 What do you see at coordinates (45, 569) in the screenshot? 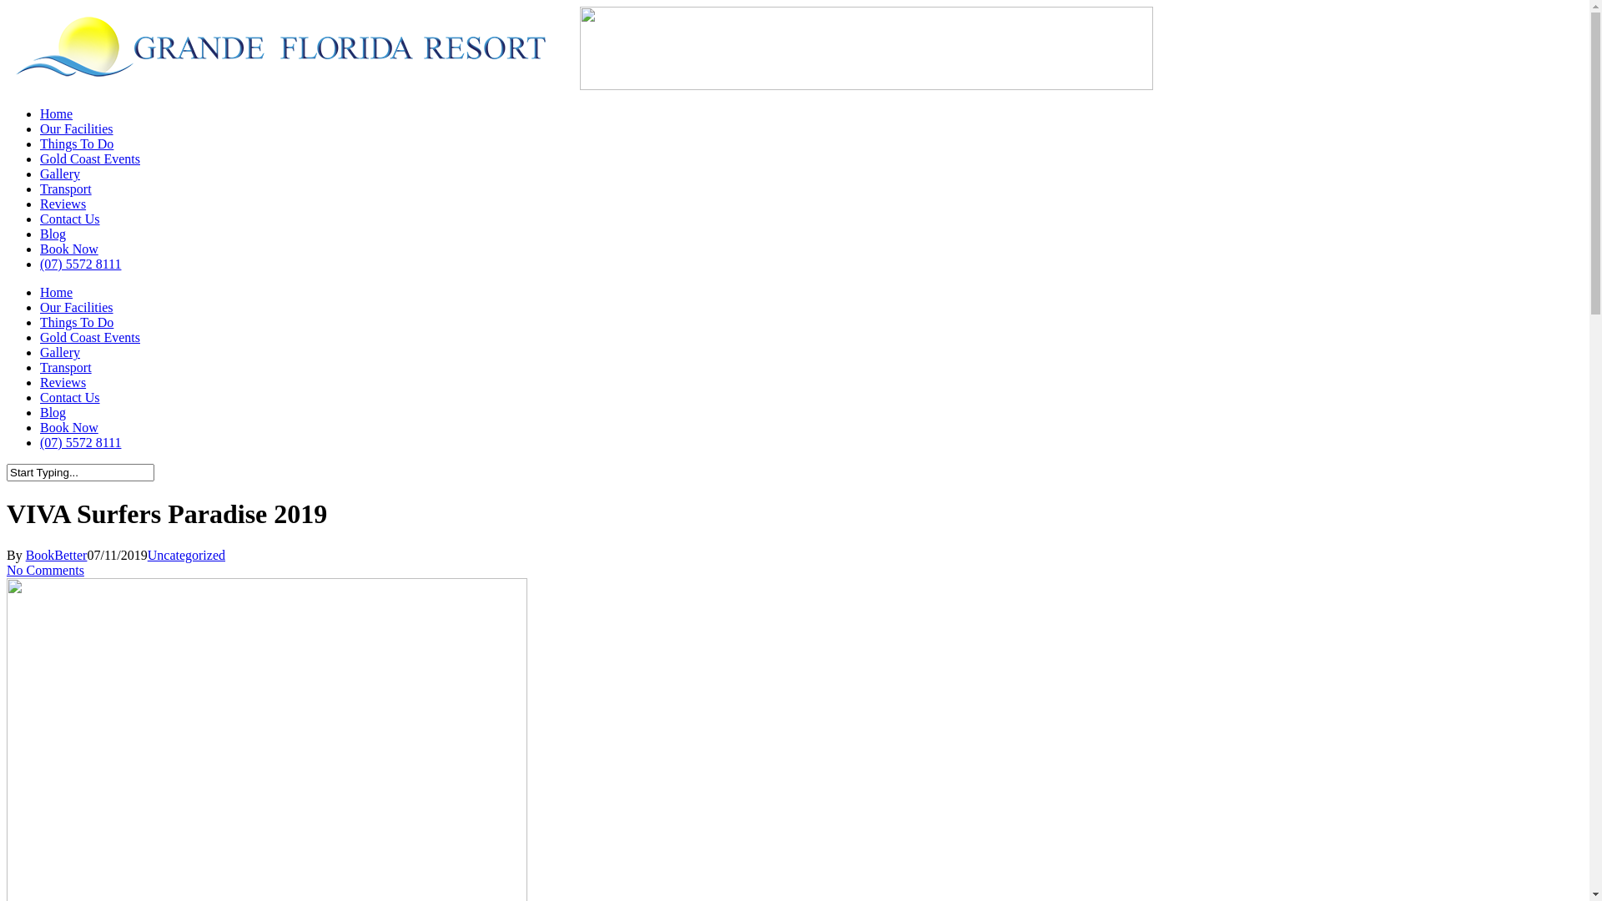
I see `'No Comments'` at bounding box center [45, 569].